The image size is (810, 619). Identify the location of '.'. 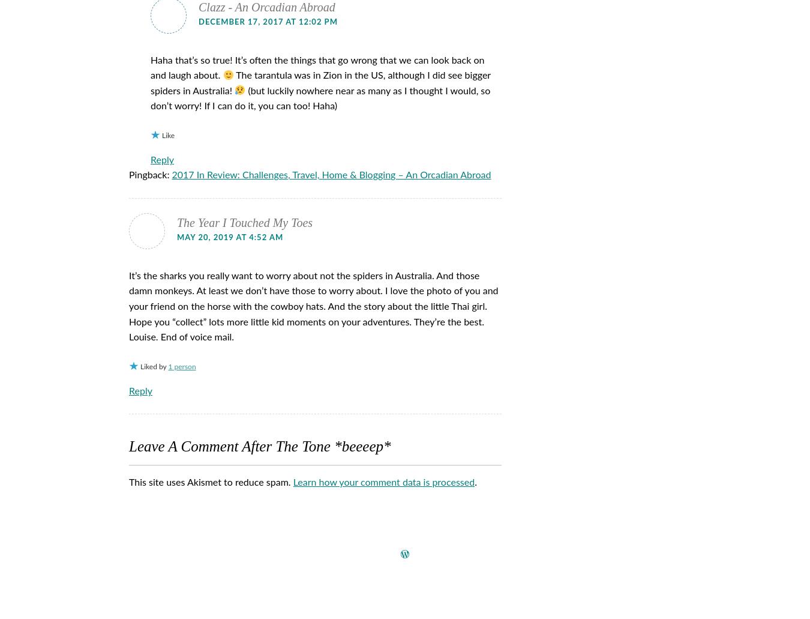
(475, 482).